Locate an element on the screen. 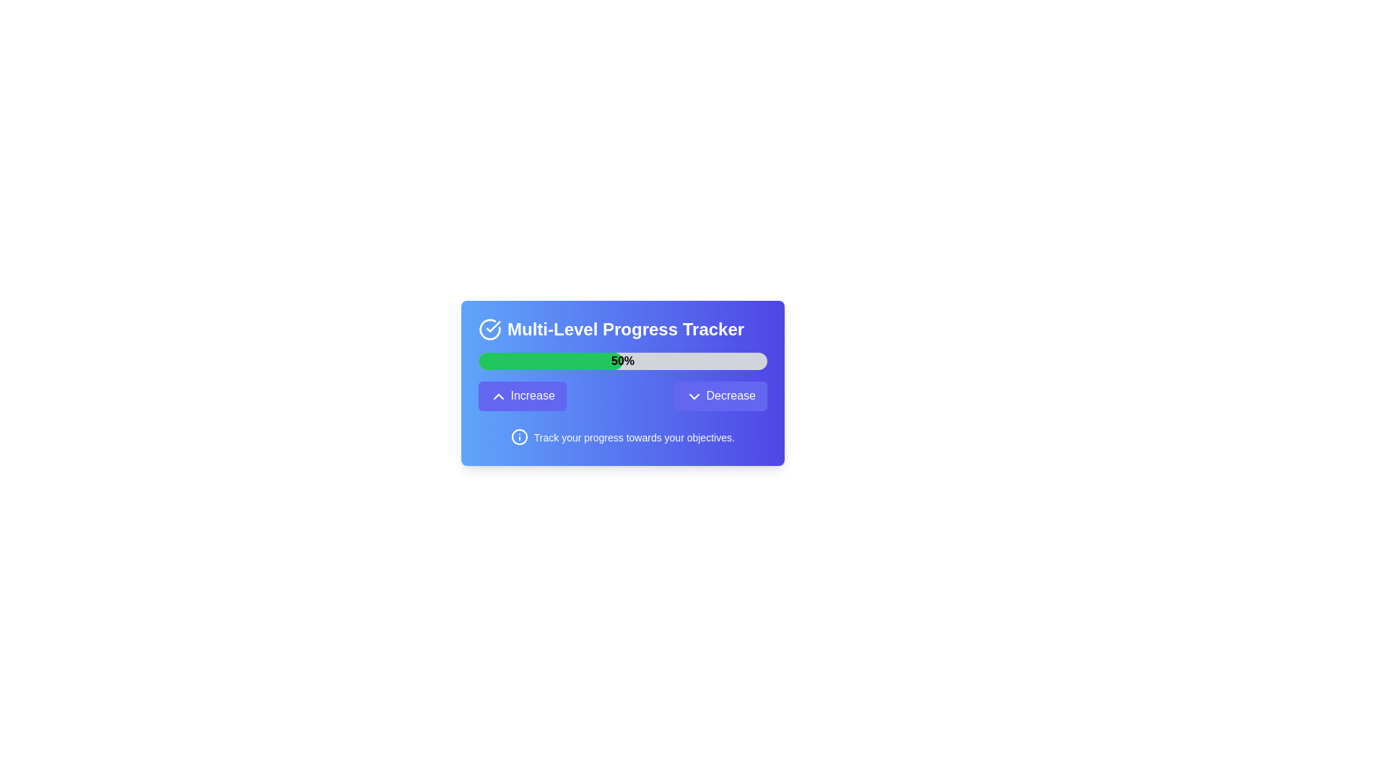 The height and width of the screenshot is (779, 1386). the Progress tracker widget, which visually represents progress towards a set objective and features a unique gradient background is located at coordinates (623, 382).